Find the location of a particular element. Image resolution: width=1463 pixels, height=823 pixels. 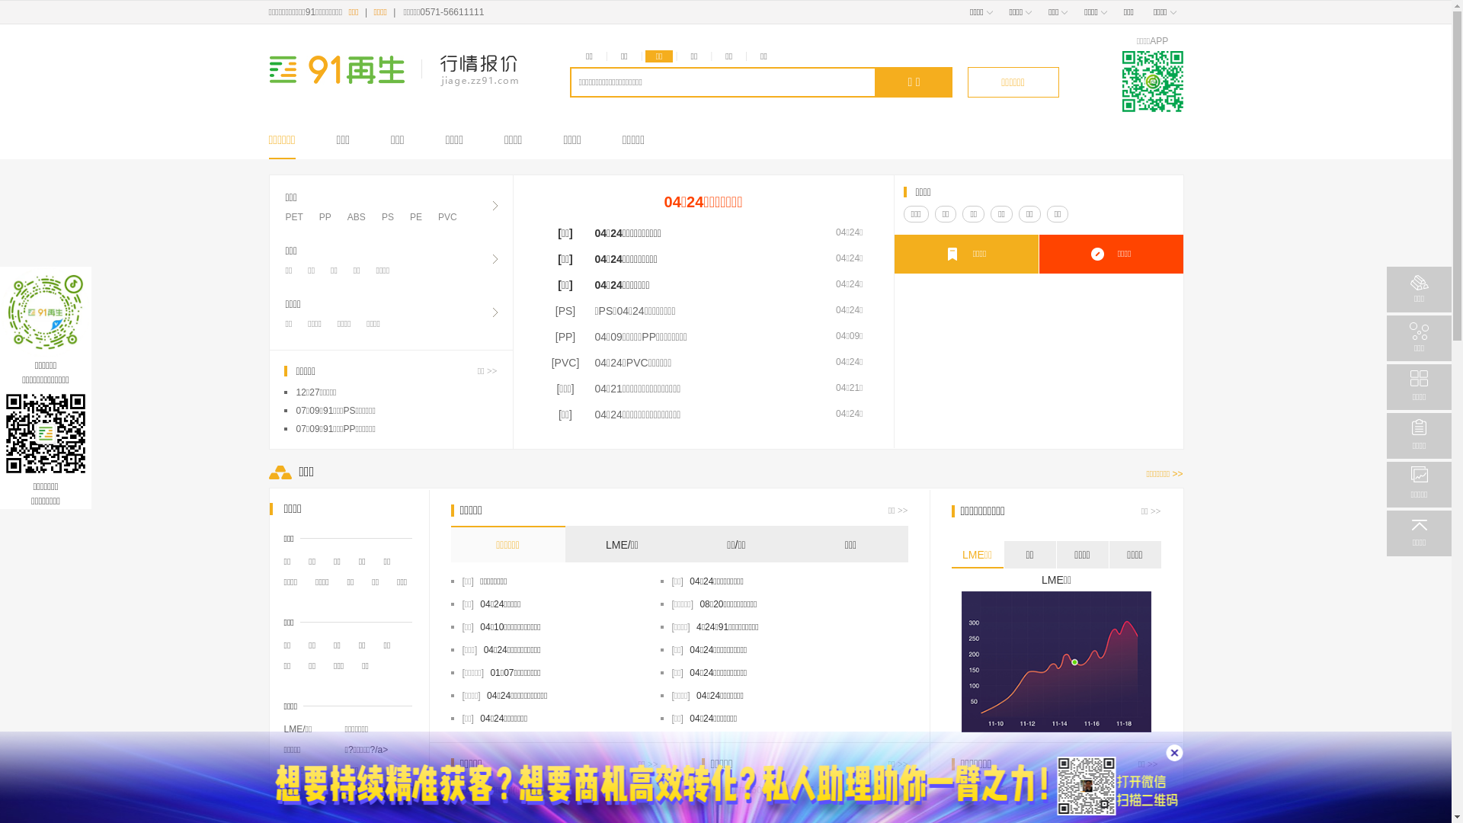

'[PS]' is located at coordinates (544, 310).